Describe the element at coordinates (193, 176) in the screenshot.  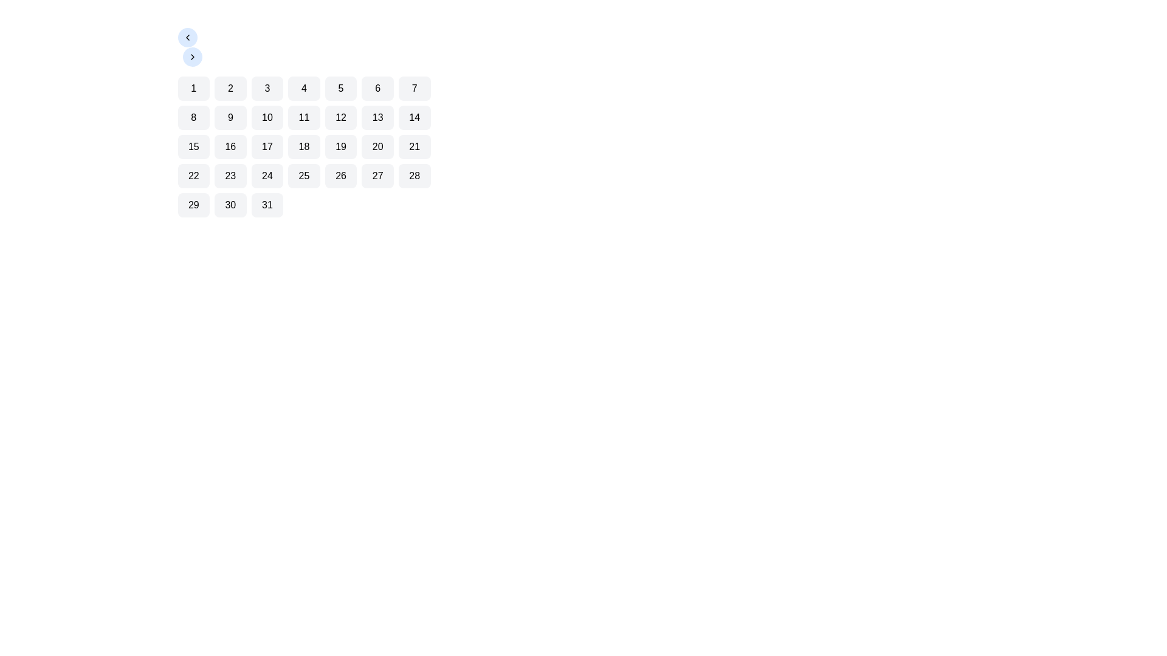
I see `the interactive calendar cell representing the 22nd day` at that location.